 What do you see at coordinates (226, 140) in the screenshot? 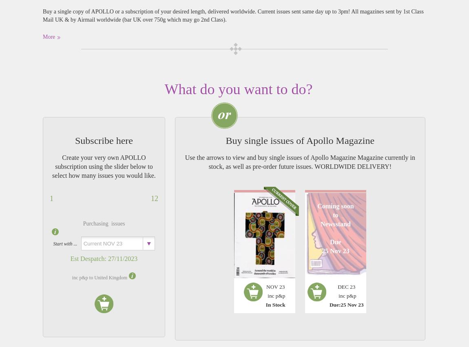
I see `'Buy single issues of Apollo Magazine'` at bounding box center [226, 140].